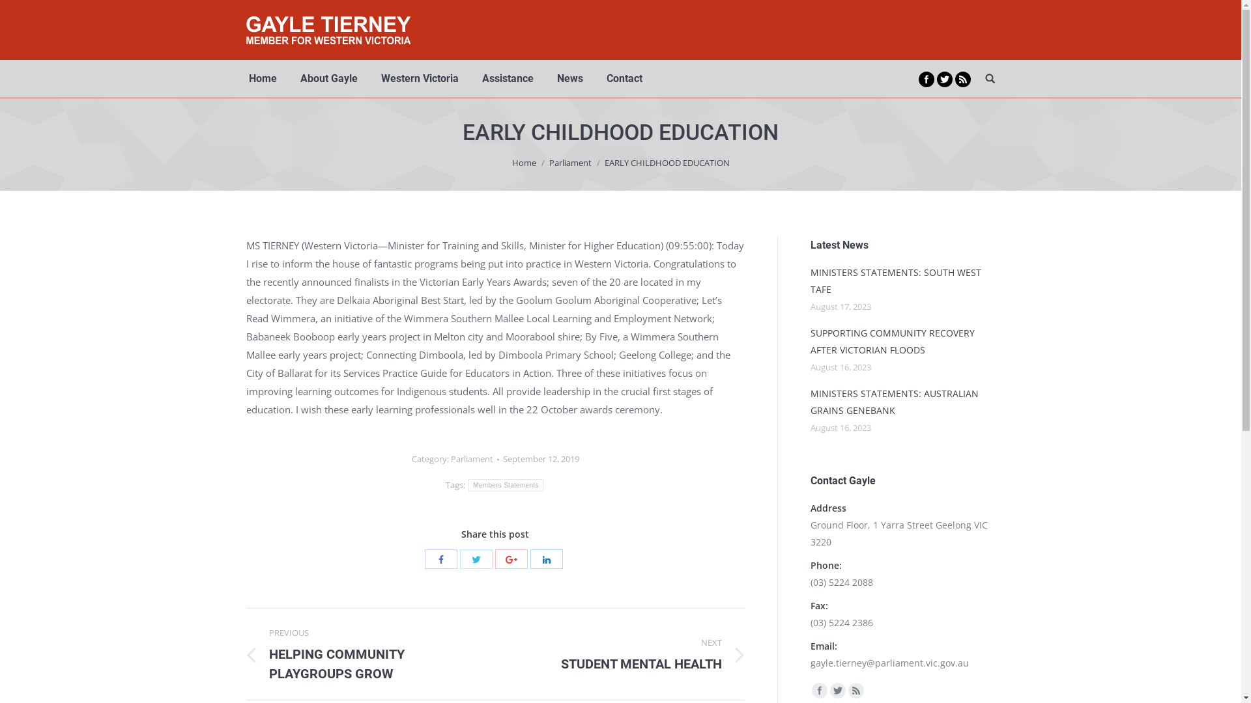 The image size is (1251, 703). Describe the element at coordinates (902, 340) in the screenshot. I see `'SUPPORTING COMMUNITY RECOVERY AFTER VICTORIAN FLOODS'` at that location.